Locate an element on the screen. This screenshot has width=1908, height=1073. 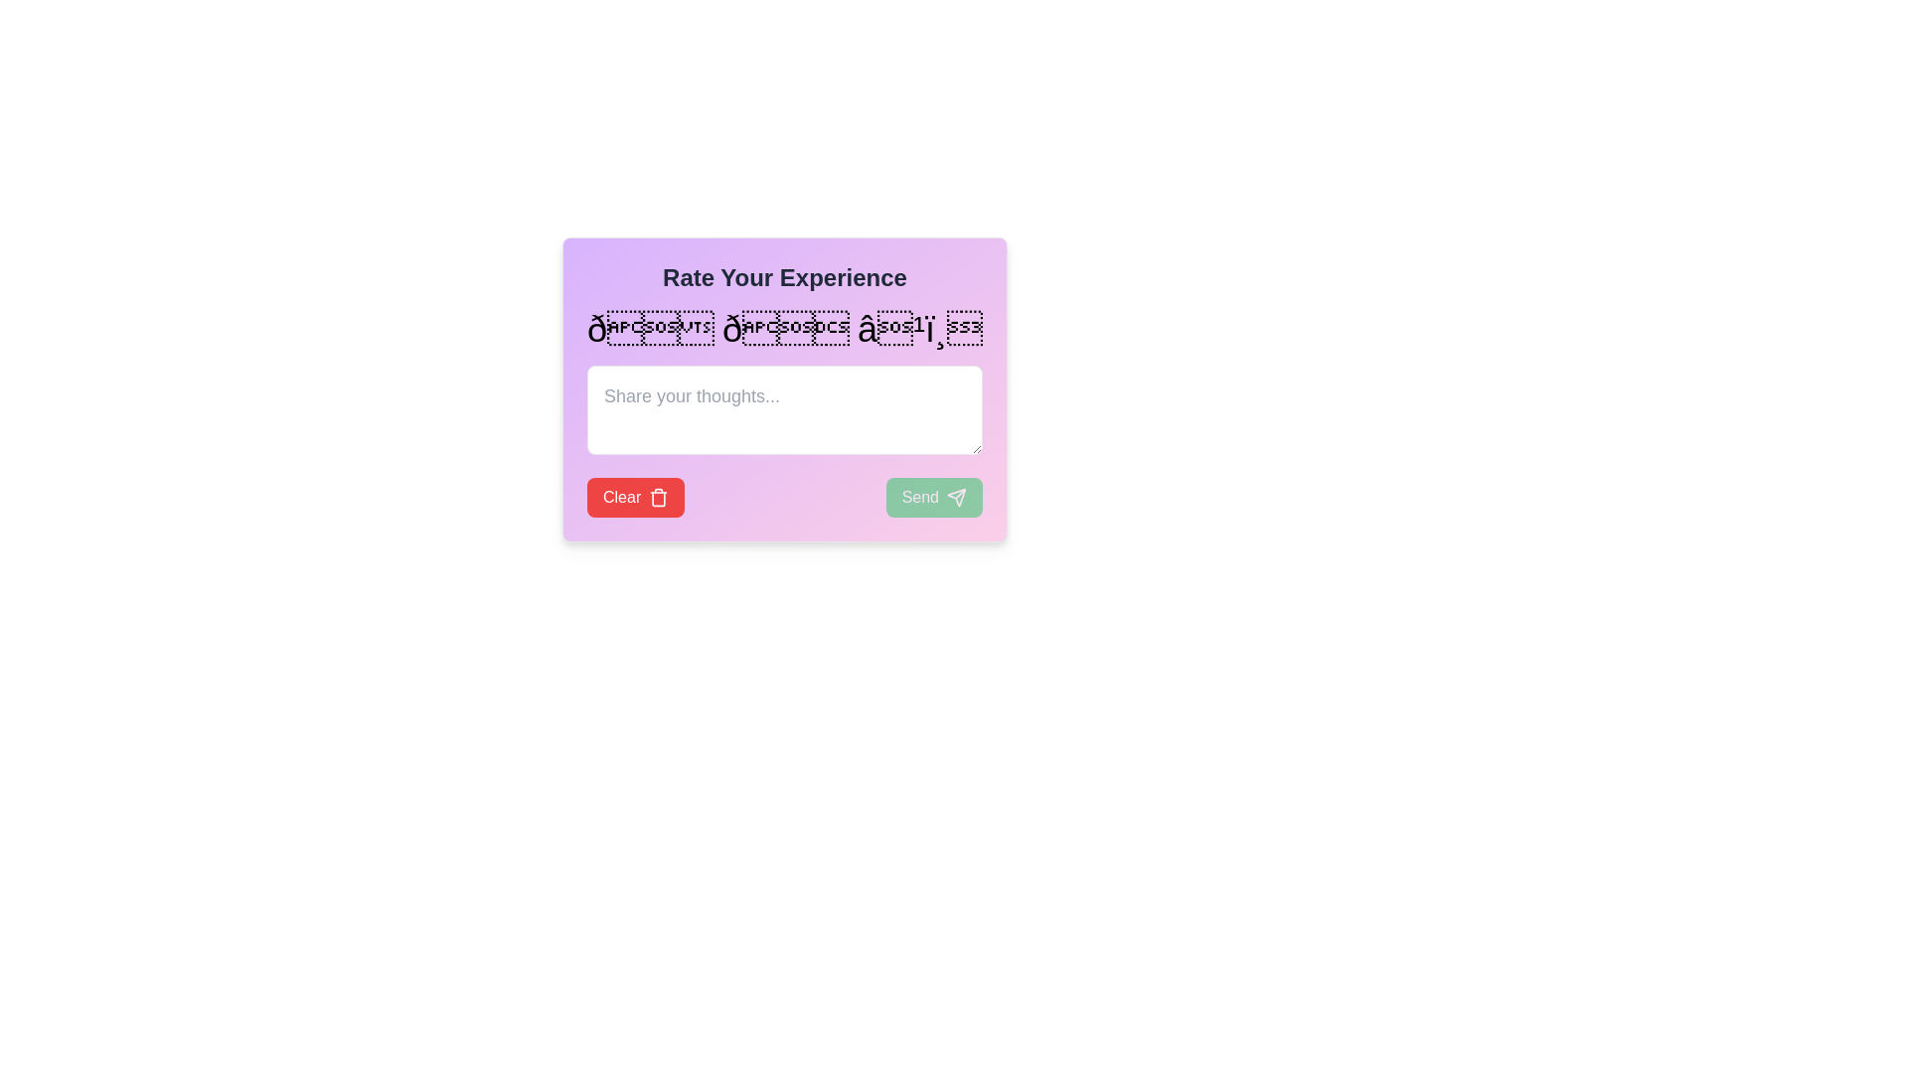
the send action icon located within the green, rounded 'Send' button at the bottom-right of the feedback form is located at coordinates (957, 497).